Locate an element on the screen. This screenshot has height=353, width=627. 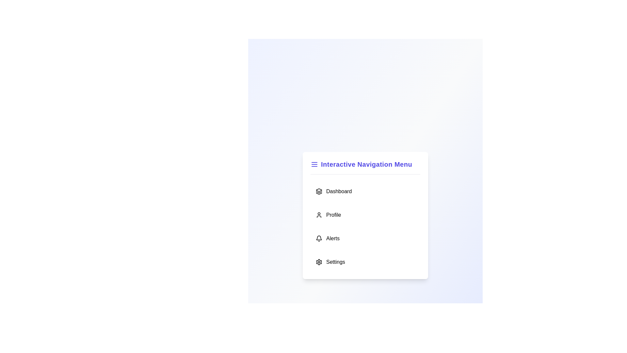
the menu item Profile by clicking on it is located at coordinates (365, 215).